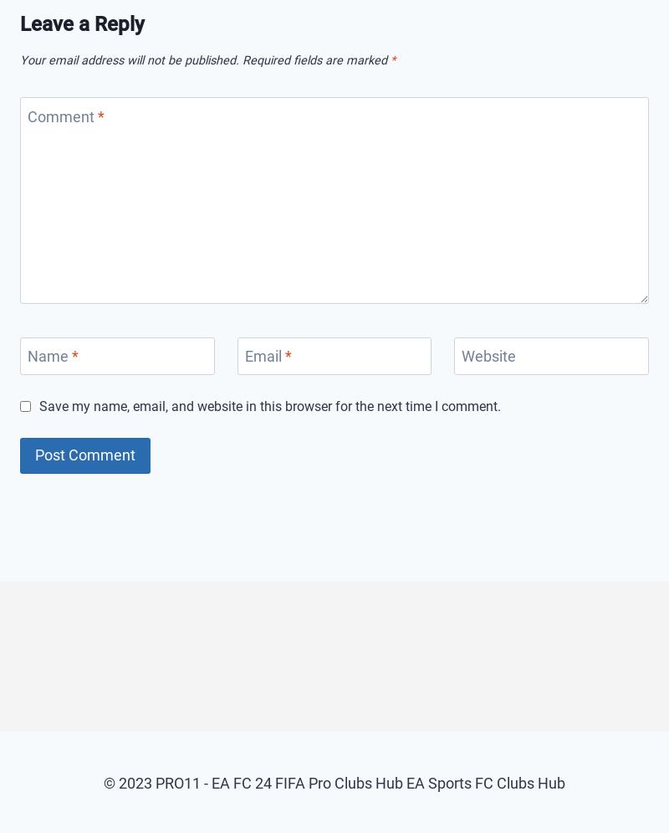  I want to click on 'Comment', so click(28, 116).